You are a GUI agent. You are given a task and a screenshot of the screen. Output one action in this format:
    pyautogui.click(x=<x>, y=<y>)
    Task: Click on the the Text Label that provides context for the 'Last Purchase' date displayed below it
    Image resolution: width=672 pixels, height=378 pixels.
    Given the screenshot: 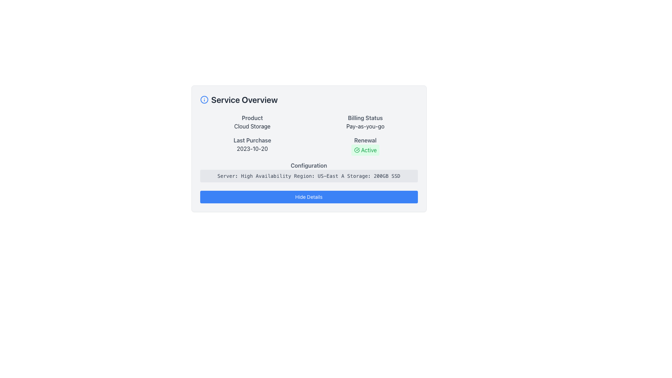 What is the action you would take?
    pyautogui.click(x=252, y=140)
    